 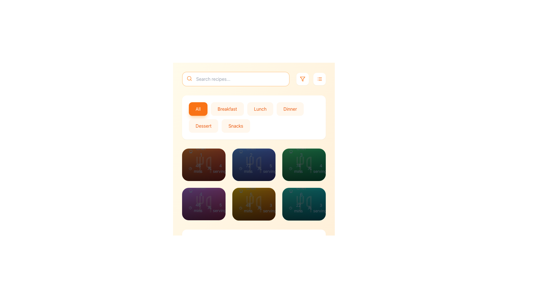 I want to click on the share button located in the bottom row of buttons within the grid structure, so click(x=270, y=204).